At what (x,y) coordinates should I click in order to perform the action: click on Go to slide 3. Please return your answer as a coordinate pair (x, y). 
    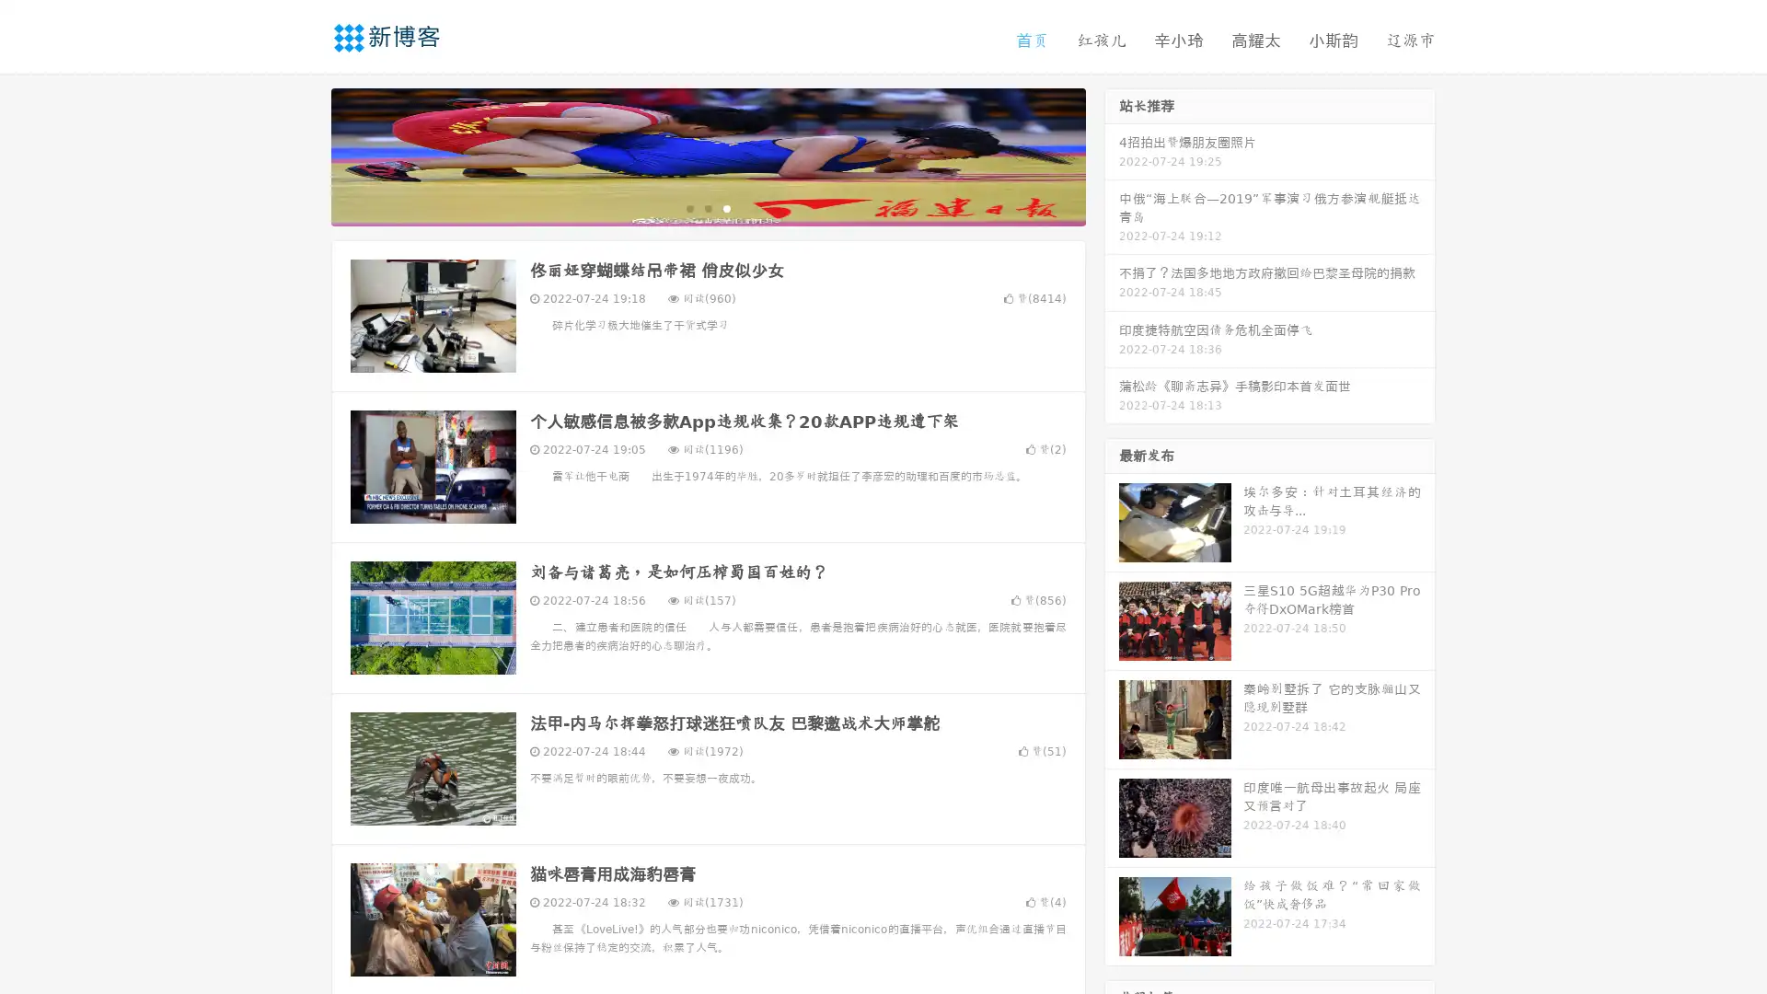
    Looking at the image, I should click on (726, 207).